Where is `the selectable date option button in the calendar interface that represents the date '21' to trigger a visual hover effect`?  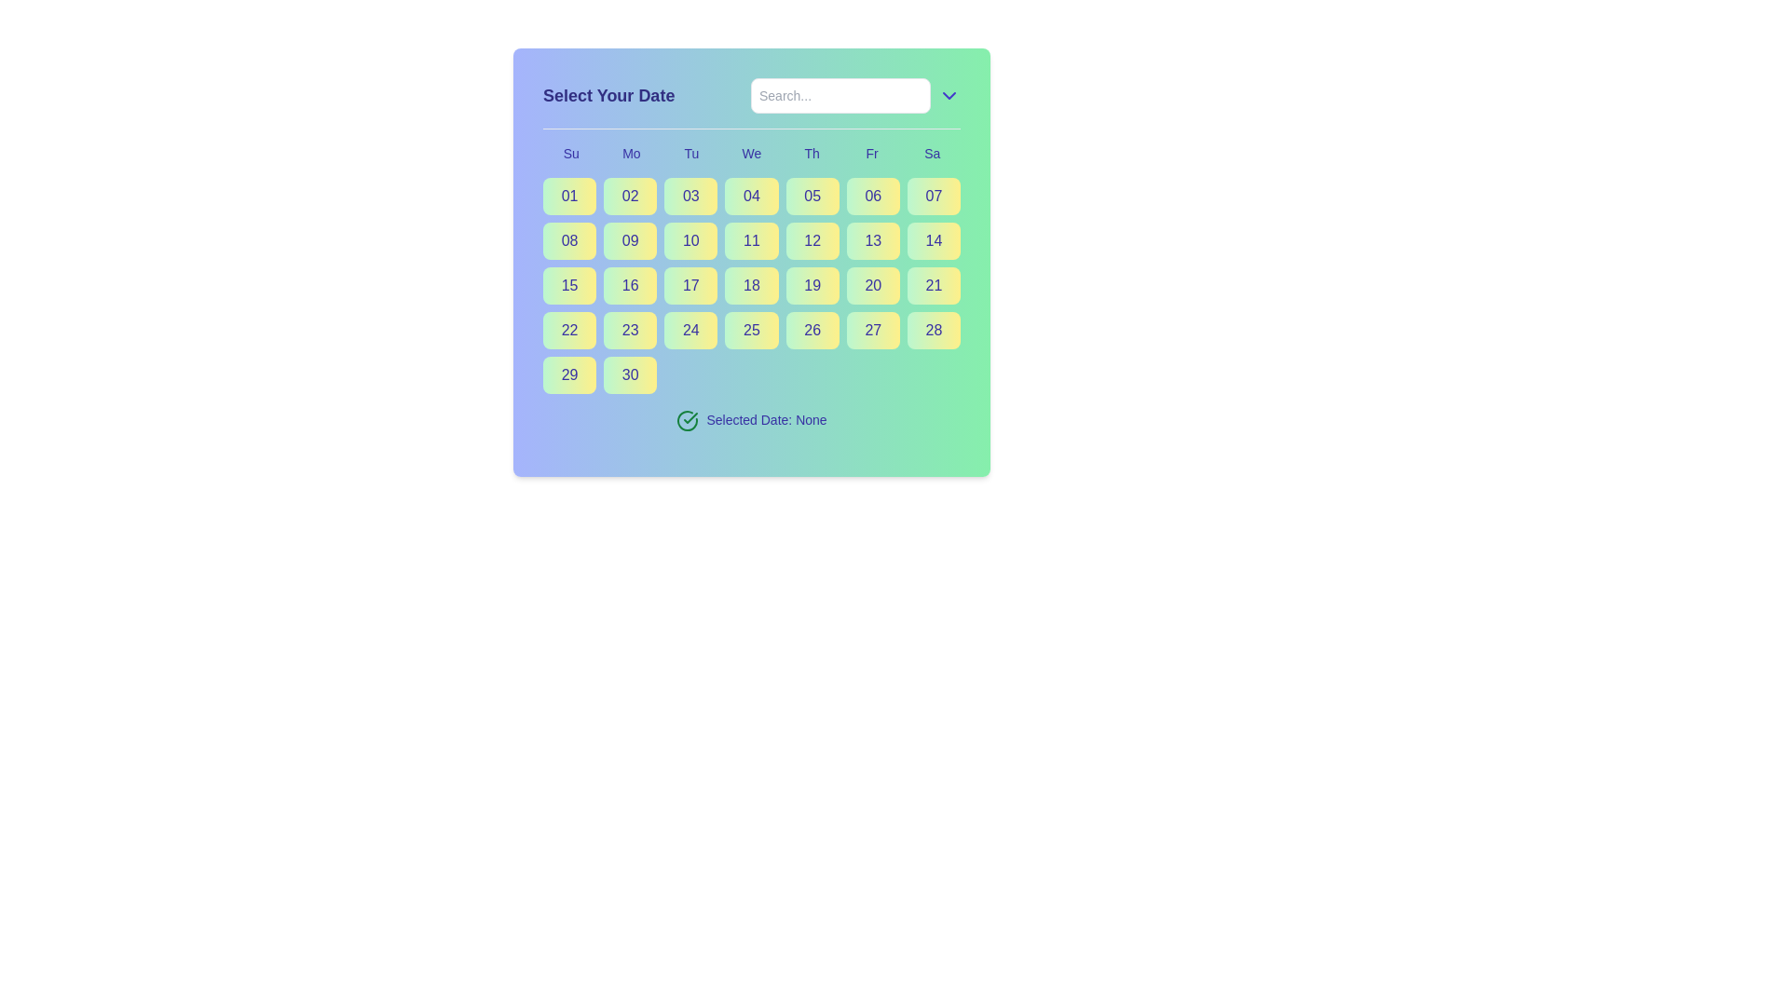
the selectable date option button in the calendar interface that represents the date '21' to trigger a visual hover effect is located at coordinates (934, 286).